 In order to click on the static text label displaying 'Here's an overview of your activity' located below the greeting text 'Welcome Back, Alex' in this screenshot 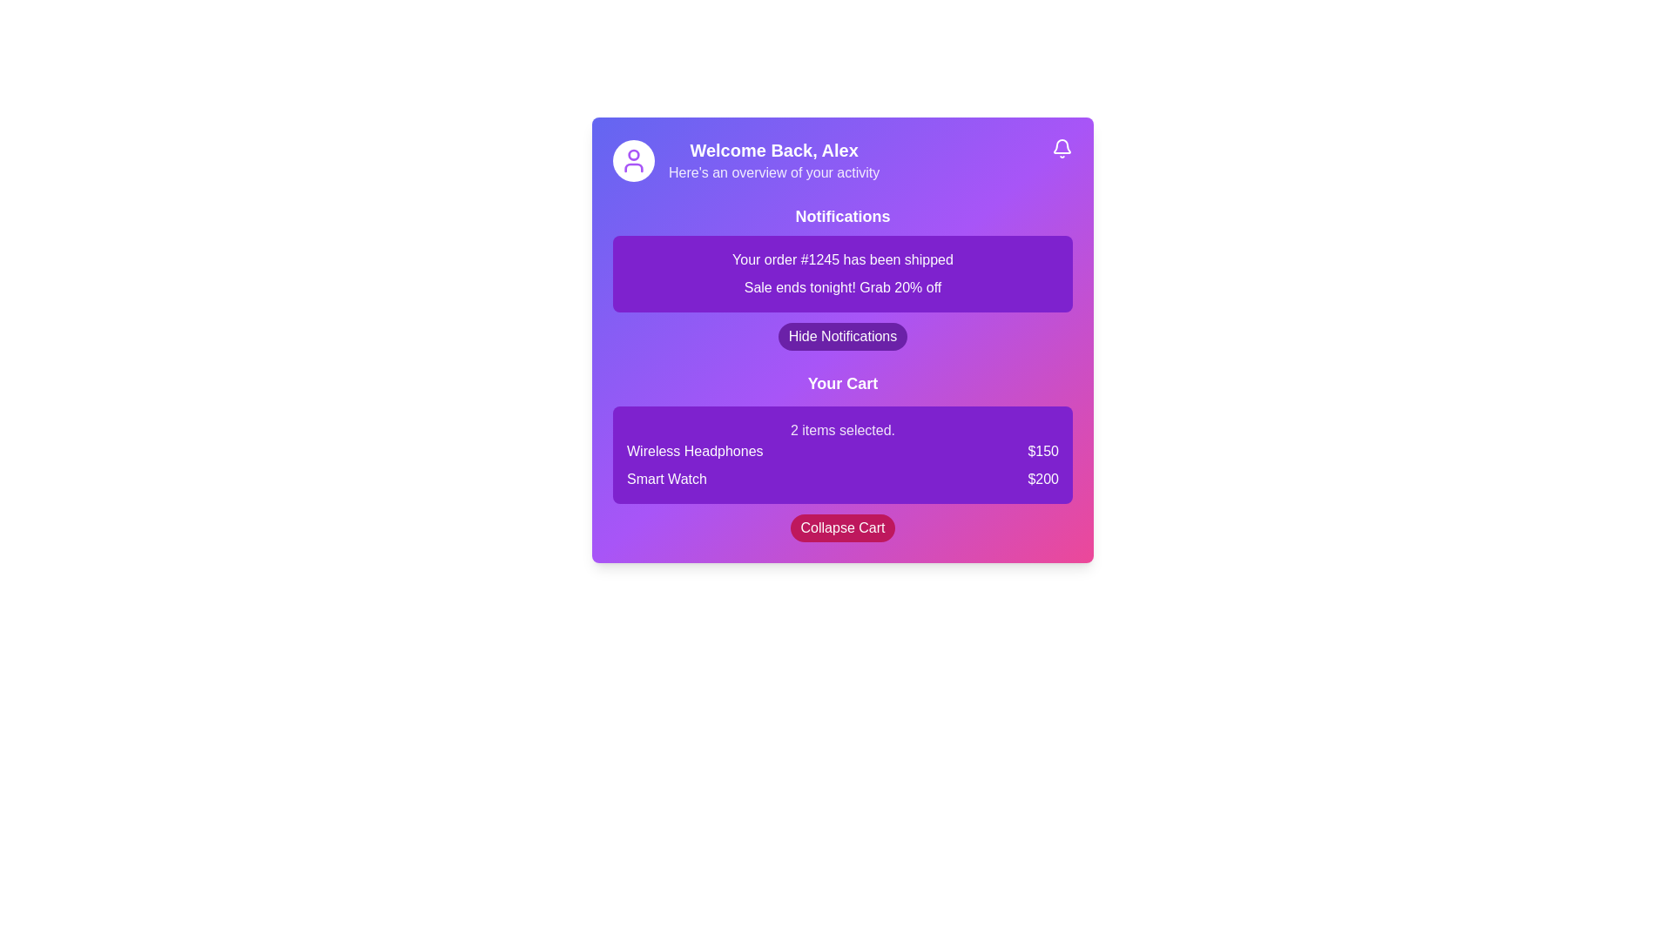, I will do `click(773, 173)`.